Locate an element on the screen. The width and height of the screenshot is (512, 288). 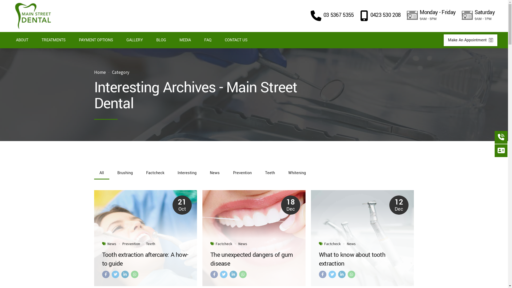
'MEDIA' is located at coordinates (185, 40).